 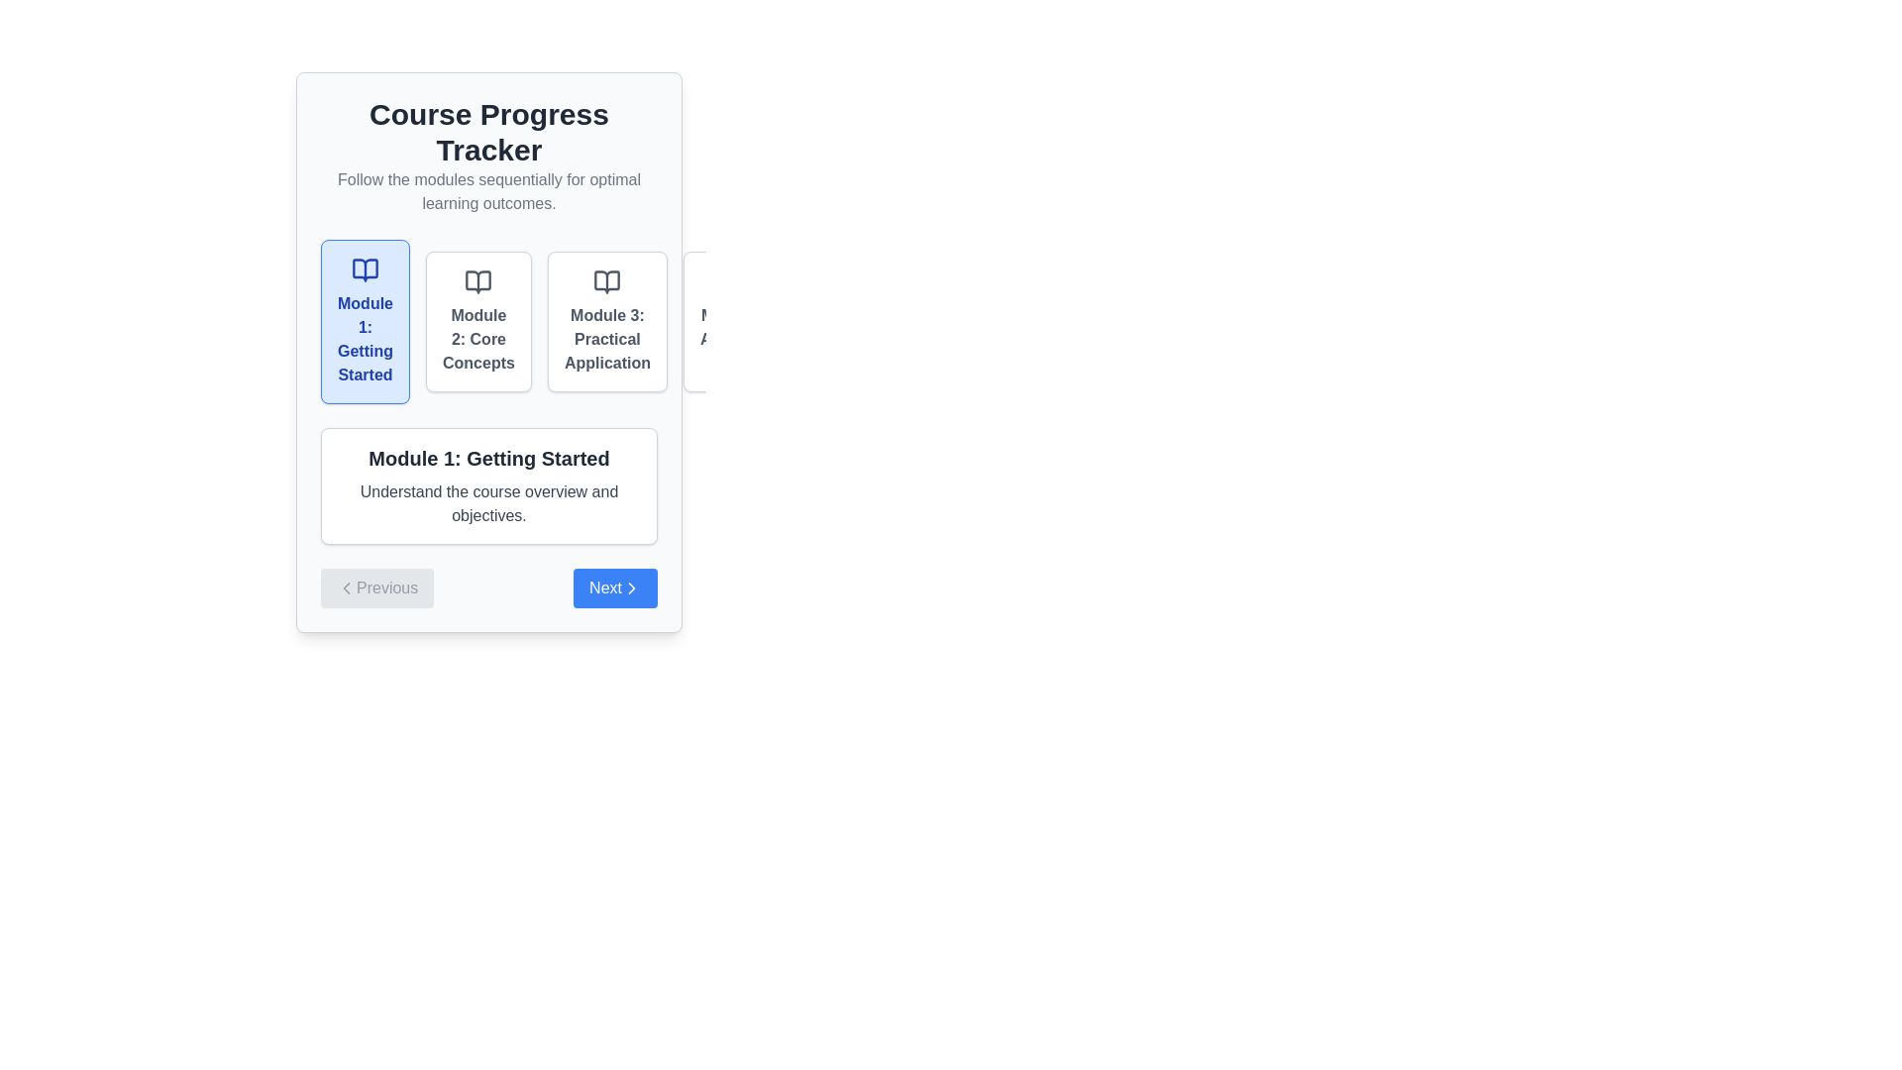 What do you see at coordinates (489, 458) in the screenshot?
I see `the text heading that says 'Module 1: Getting Started', which is displayed in bold and larger font size, styled in dark gray on a white background, positioned at the top center of its card` at bounding box center [489, 458].